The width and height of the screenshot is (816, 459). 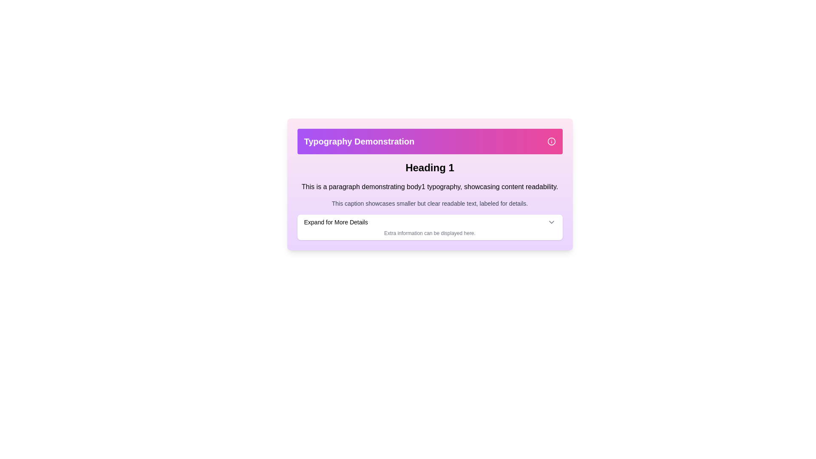 What do you see at coordinates (359, 141) in the screenshot?
I see `the Text label displaying 'Typography Demonstration', which is styled in bold, large white font on a gradient background` at bounding box center [359, 141].